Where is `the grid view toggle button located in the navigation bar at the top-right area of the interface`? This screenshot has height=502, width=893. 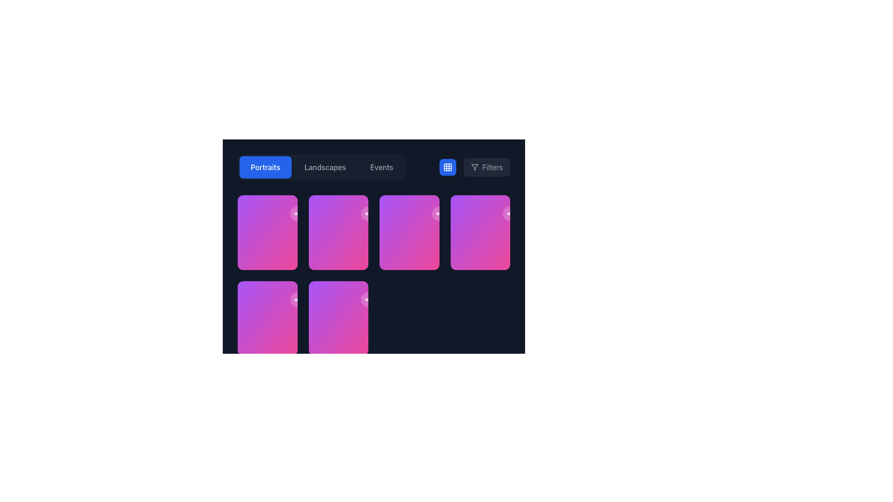 the grid view toggle button located in the navigation bar at the top-right area of the interface is located at coordinates (447, 166).